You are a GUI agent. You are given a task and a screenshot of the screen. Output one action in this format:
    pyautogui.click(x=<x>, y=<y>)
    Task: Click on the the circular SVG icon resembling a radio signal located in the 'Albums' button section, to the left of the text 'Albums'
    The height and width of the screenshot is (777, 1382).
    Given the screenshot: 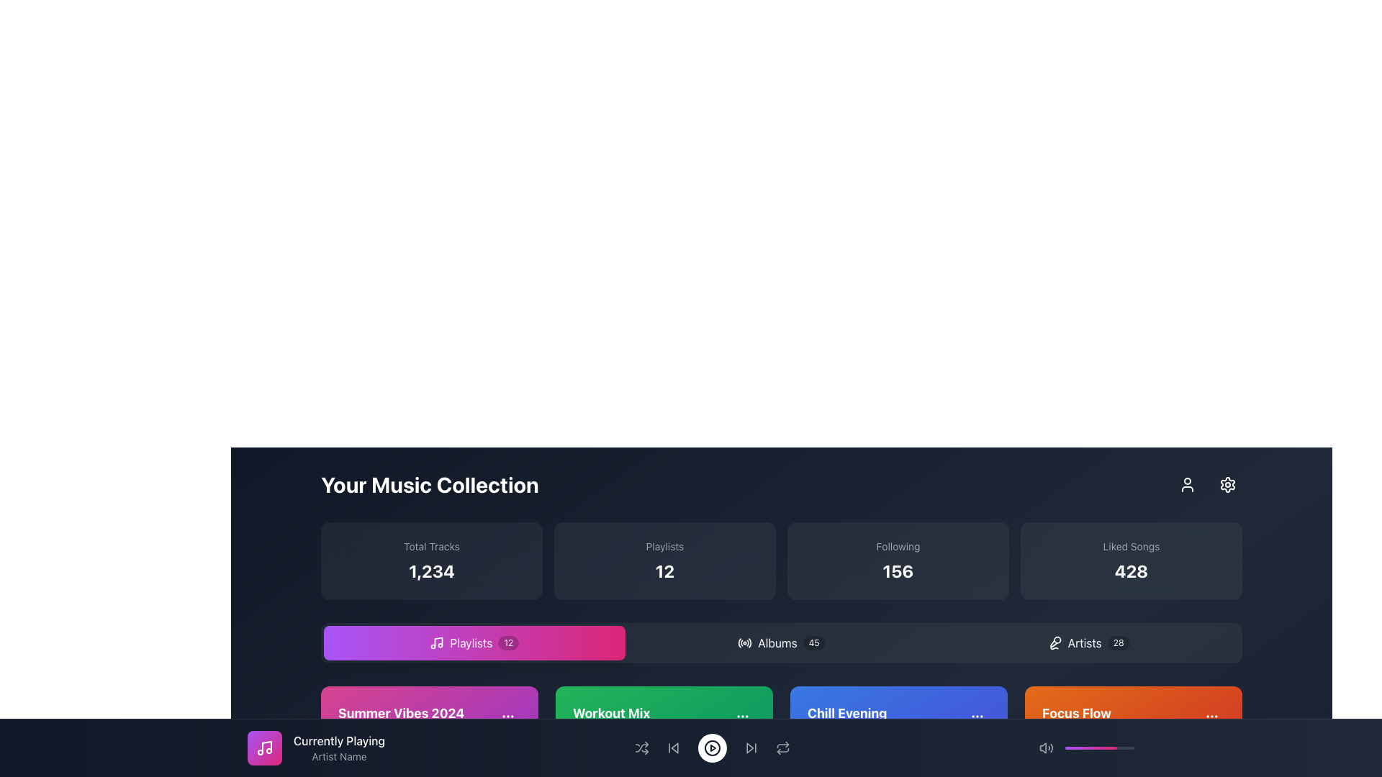 What is the action you would take?
    pyautogui.click(x=745, y=642)
    